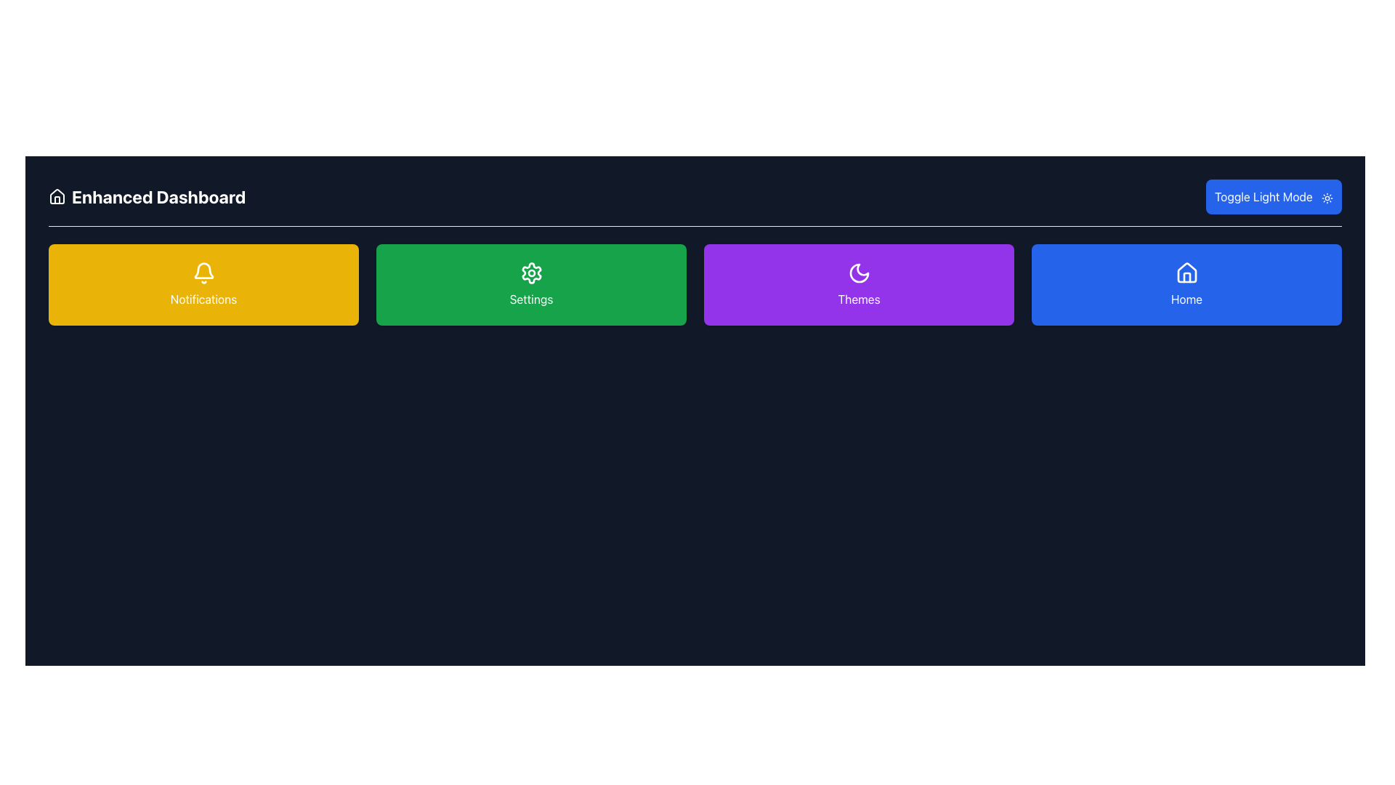 Image resolution: width=1395 pixels, height=785 pixels. What do you see at coordinates (1186, 273) in the screenshot?
I see `the 'Home' icon, which is an SVG representation styled as a house, located at the far right of the layout above the 'Home' text label` at bounding box center [1186, 273].